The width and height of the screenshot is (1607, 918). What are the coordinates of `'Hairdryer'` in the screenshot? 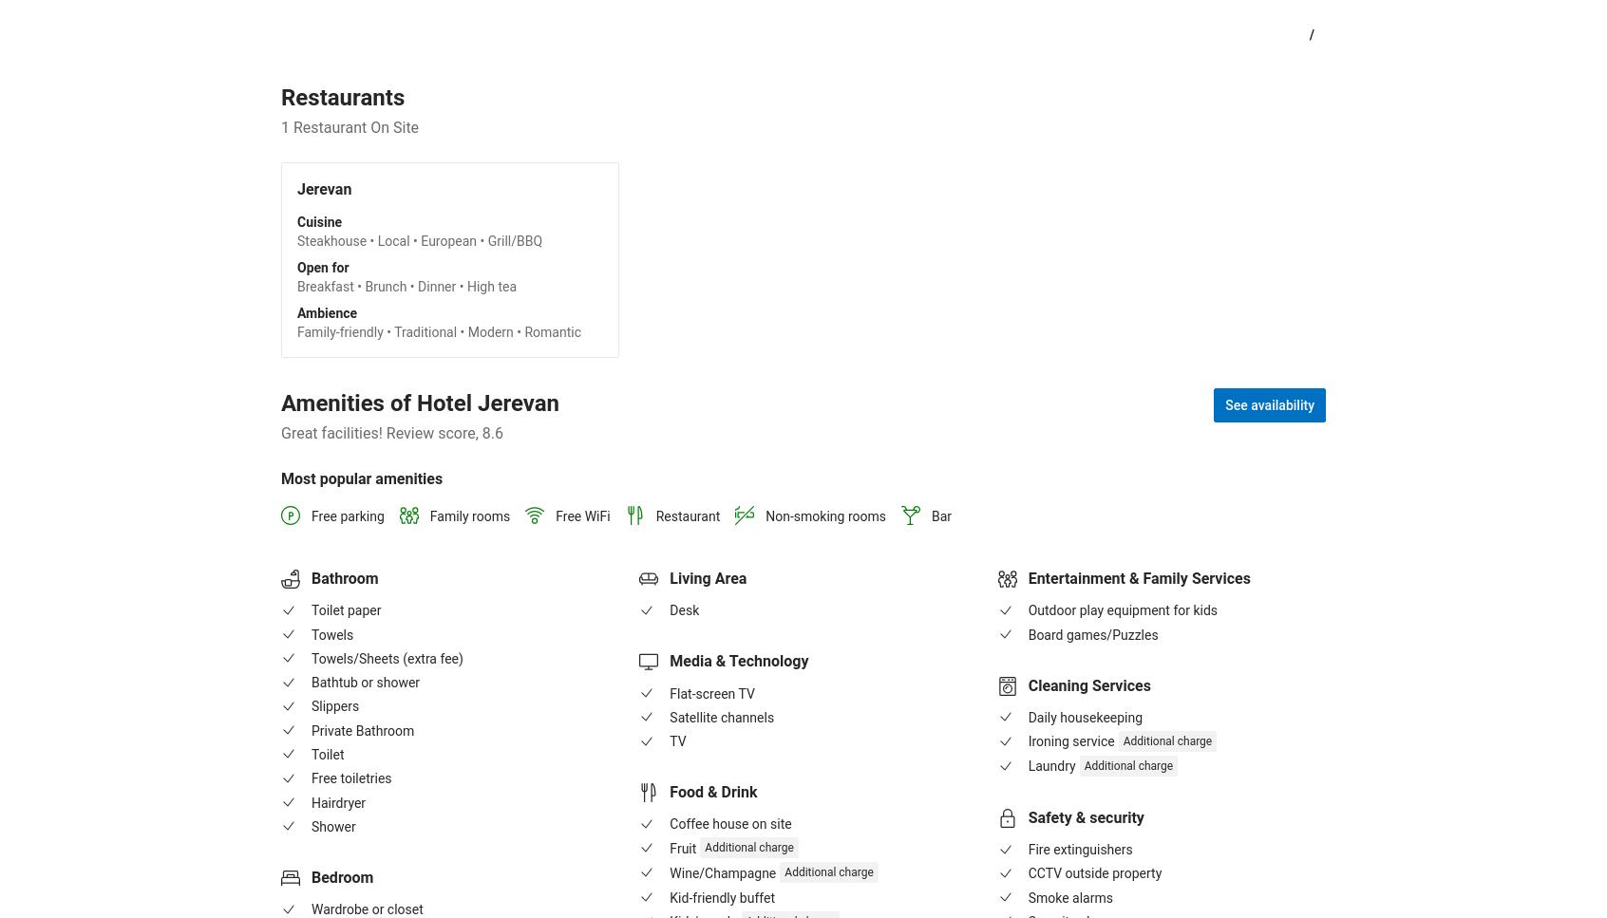 It's located at (338, 801).